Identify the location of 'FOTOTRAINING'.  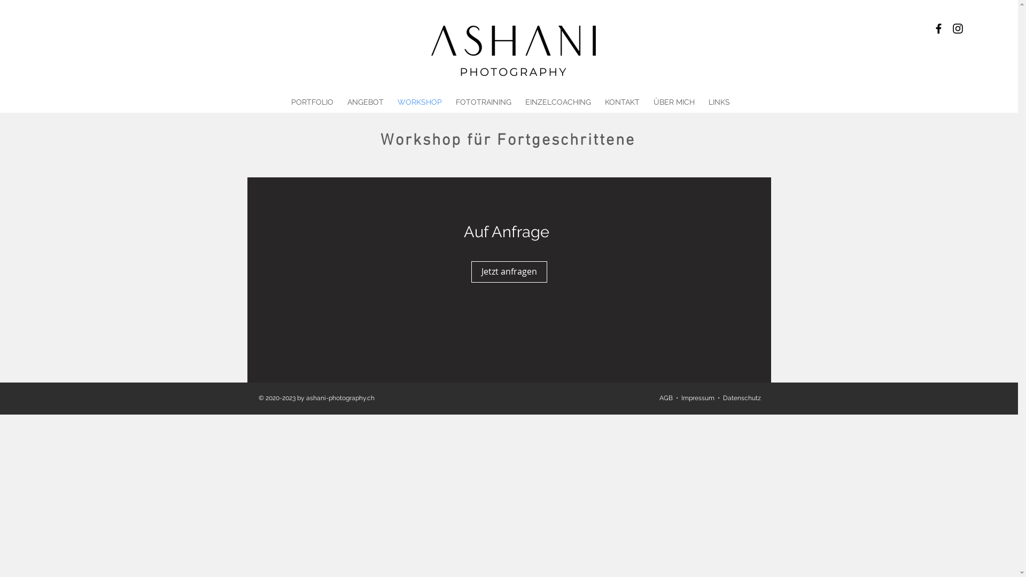
(483, 102).